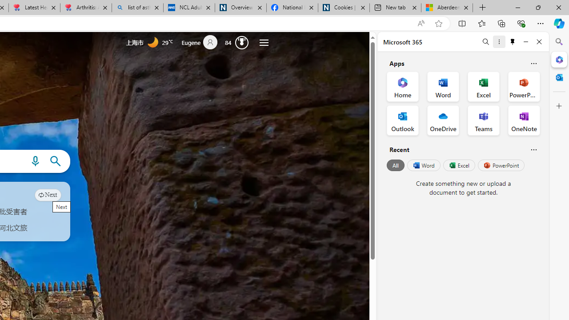 This screenshot has width=569, height=320. Describe the element at coordinates (343, 8) in the screenshot. I see `'Cookies | About | NICE'` at that location.